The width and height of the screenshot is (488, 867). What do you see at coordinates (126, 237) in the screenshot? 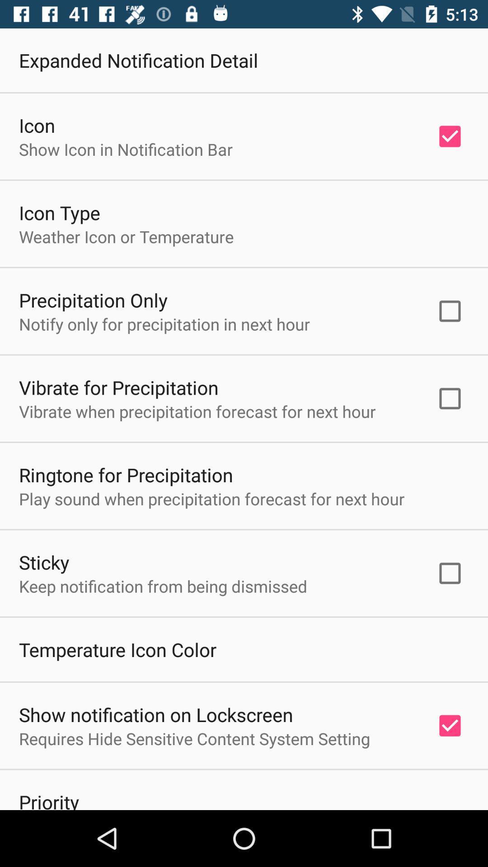
I see `the icon below the icon type item` at bounding box center [126, 237].